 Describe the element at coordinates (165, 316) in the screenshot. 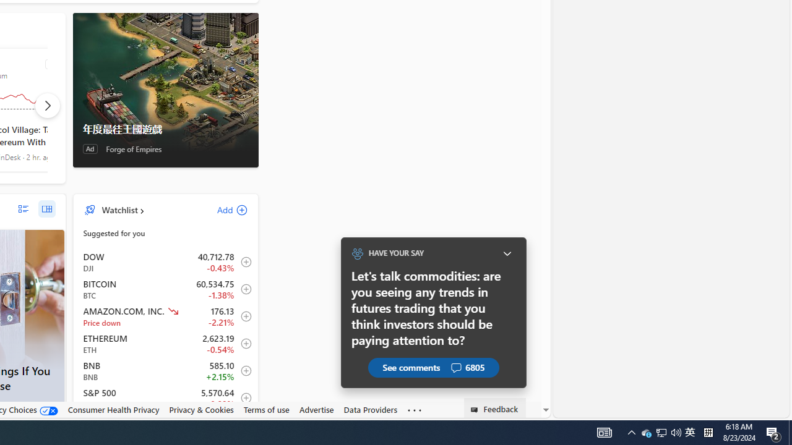

I see `'AMZN AMAZON.COM, INC. decrease 176.13 -3.98 -2.21% item2'` at that location.